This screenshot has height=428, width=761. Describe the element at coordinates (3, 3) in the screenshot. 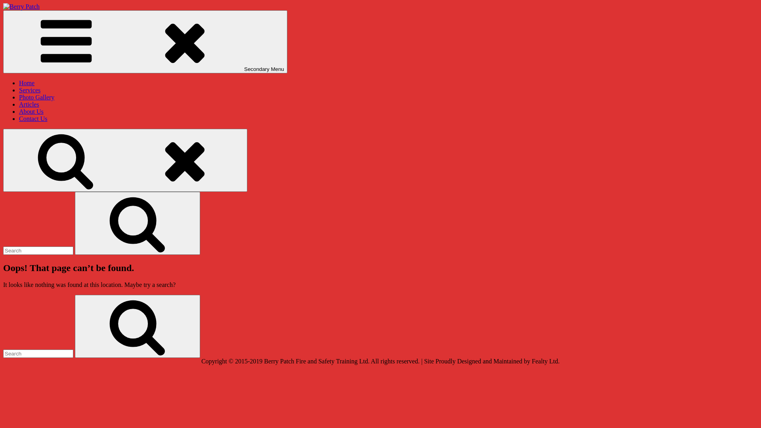

I see `'Skip to content'` at that location.